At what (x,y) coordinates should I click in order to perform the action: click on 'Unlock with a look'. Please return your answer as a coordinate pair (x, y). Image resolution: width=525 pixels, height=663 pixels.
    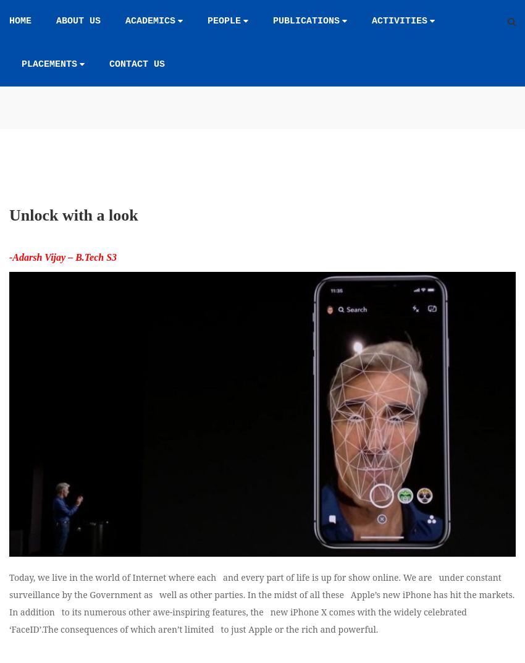
    Looking at the image, I should click on (73, 280).